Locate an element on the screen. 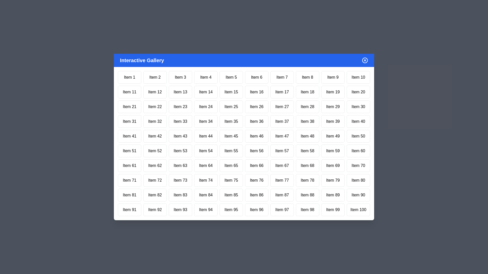 The width and height of the screenshot is (488, 274). the close button in the header to close the dialog is located at coordinates (364, 60).